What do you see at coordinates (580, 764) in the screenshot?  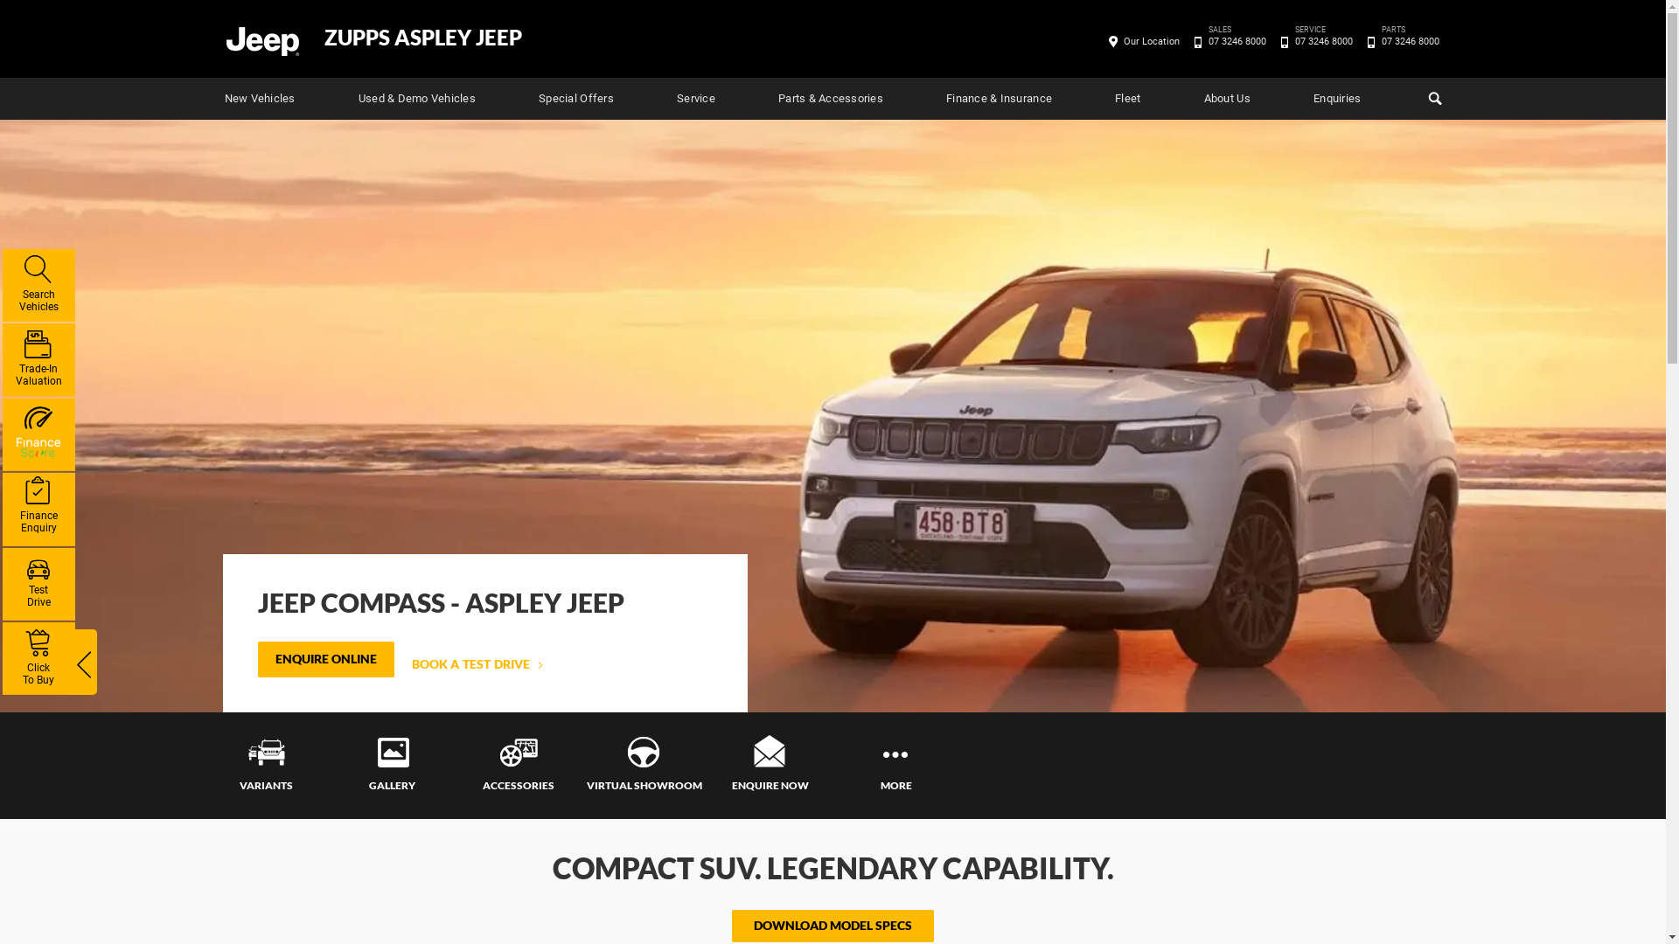 I see `'VIRTUAL SHOWROOM'` at bounding box center [580, 764].